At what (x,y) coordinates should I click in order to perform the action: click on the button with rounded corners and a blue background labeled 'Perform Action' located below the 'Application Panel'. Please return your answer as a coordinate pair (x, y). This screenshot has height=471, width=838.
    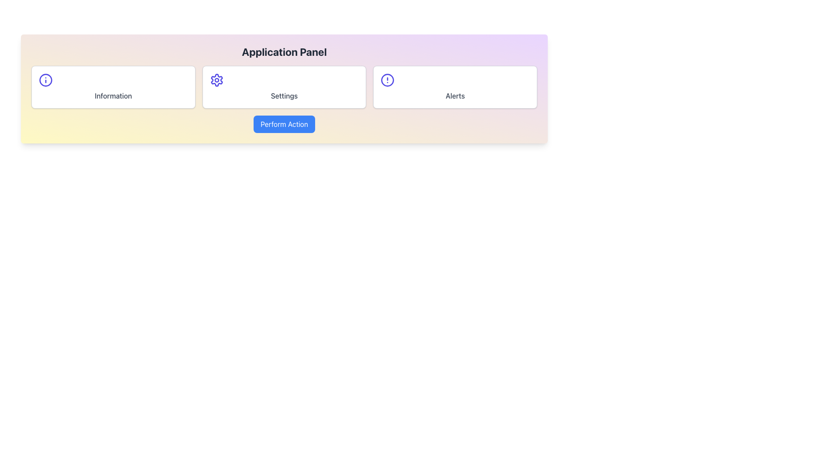
    Looking at the image, I should click on (284, 124).